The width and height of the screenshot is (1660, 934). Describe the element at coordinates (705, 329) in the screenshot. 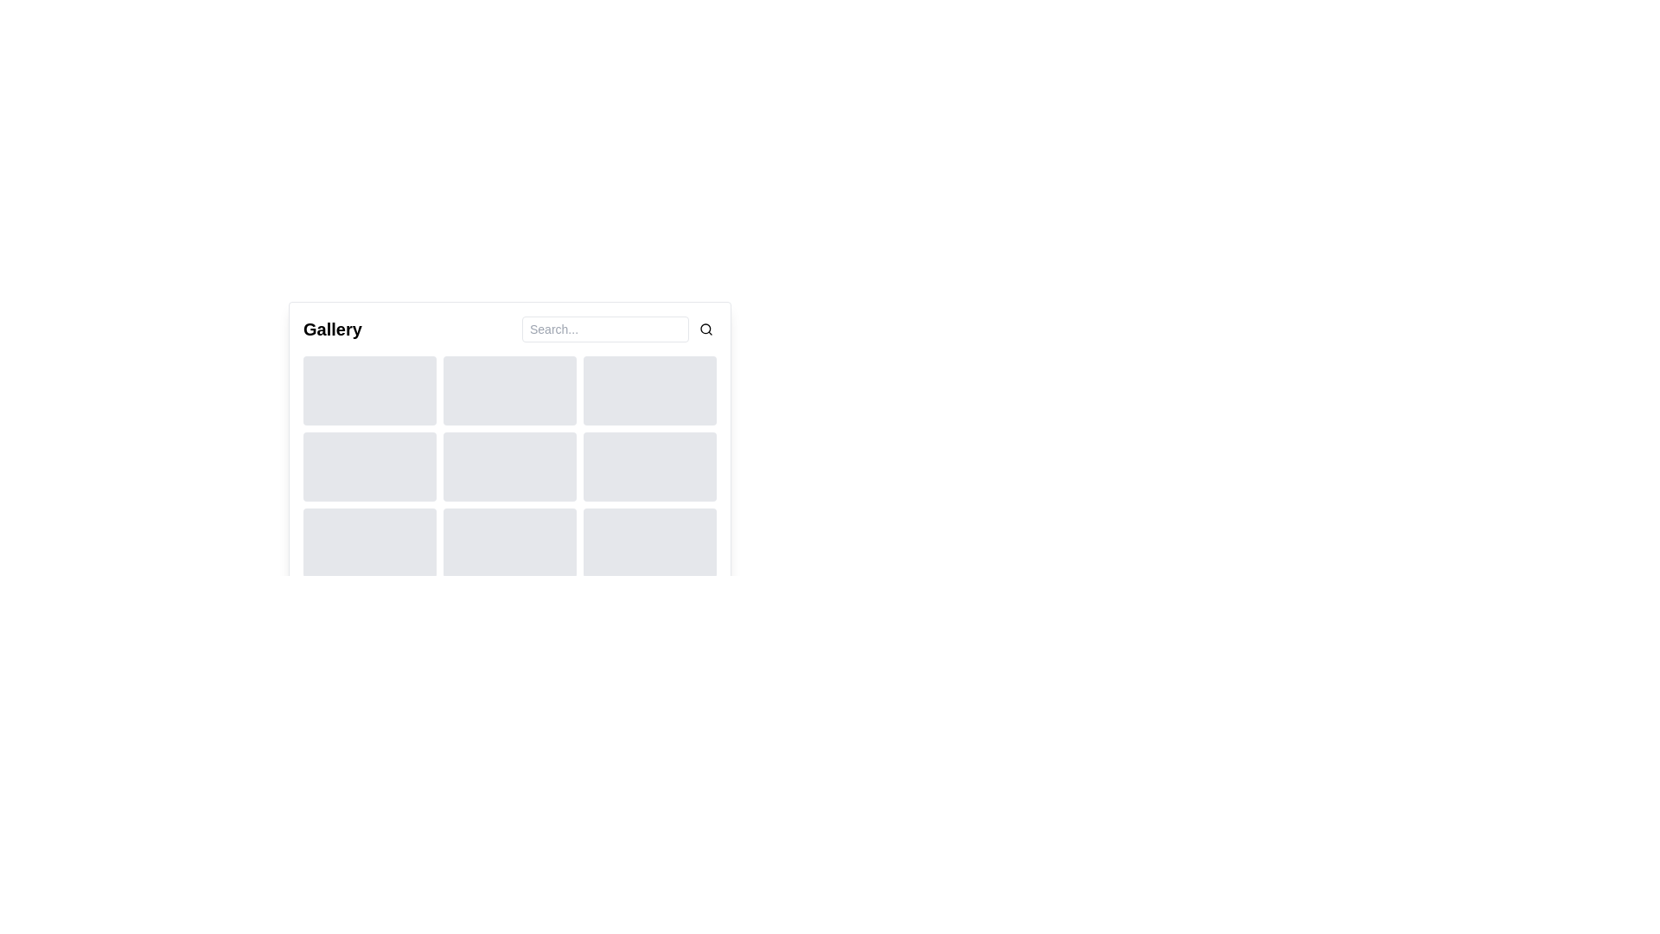

I see `the circular search button with a magnifying glass icon located to the right of the input field` at that location.